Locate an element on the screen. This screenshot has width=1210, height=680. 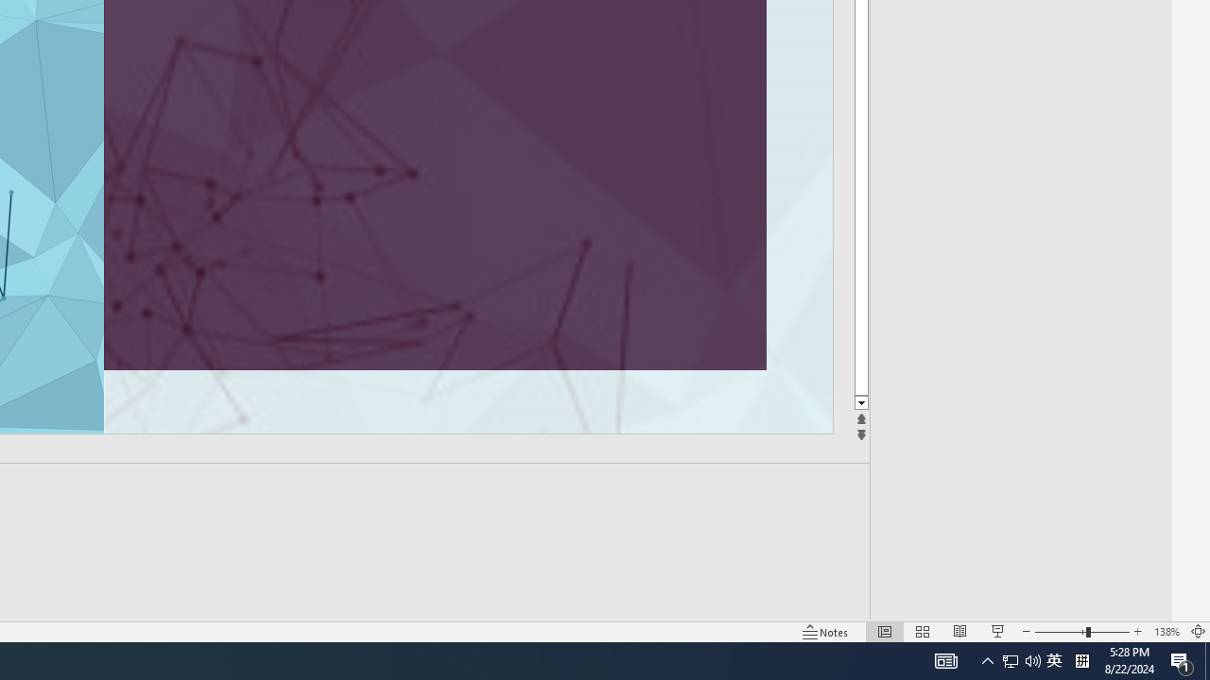
'Zoom Out' is located at coordinates (1060, 632).